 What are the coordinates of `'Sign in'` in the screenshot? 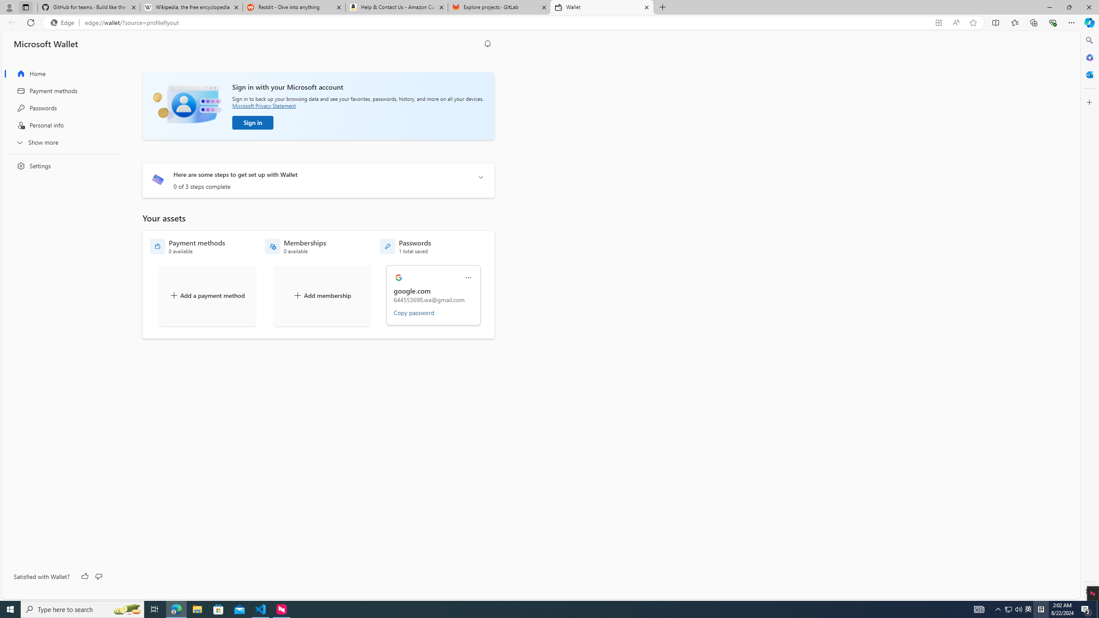 It's located at (252, 123).